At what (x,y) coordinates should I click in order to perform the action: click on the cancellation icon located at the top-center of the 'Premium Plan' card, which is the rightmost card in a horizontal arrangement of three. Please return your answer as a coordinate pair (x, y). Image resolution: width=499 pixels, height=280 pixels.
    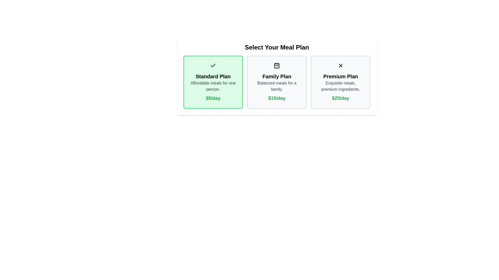
    Looking at the image, I should click on (340, 65).